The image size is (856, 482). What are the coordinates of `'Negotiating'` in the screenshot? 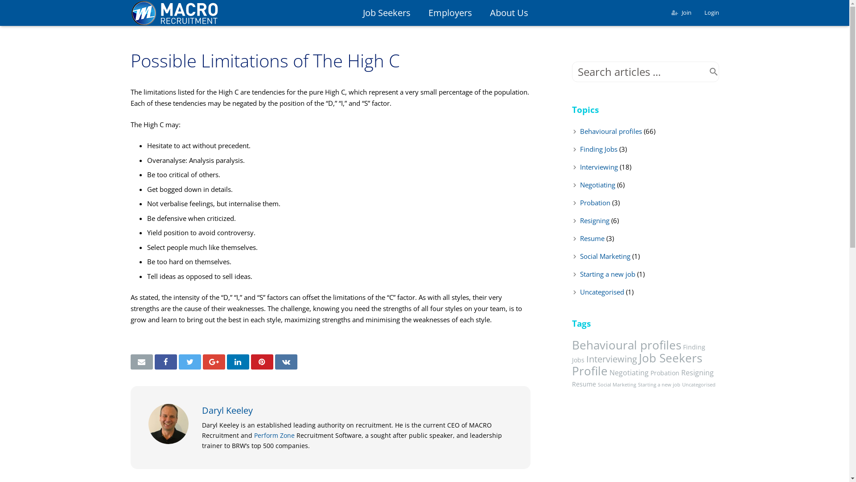 It's located at (597, 184).